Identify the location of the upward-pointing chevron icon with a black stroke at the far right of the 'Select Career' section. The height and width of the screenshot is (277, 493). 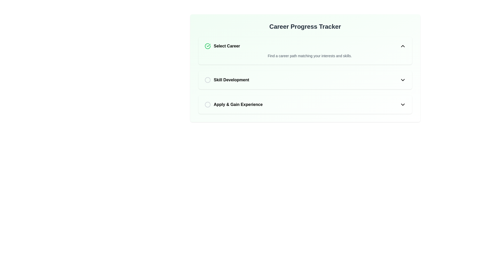
(402, 46).